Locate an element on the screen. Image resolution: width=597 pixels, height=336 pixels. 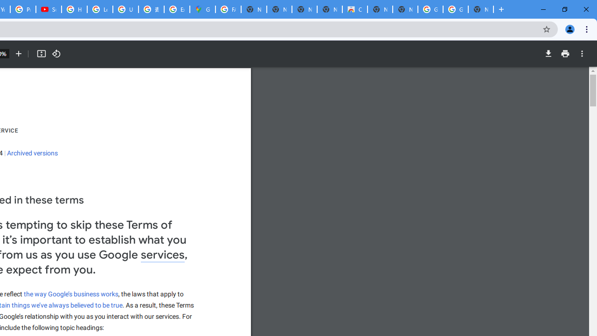
'Rotate counterclockwise' is located at coordinates (56, 54).